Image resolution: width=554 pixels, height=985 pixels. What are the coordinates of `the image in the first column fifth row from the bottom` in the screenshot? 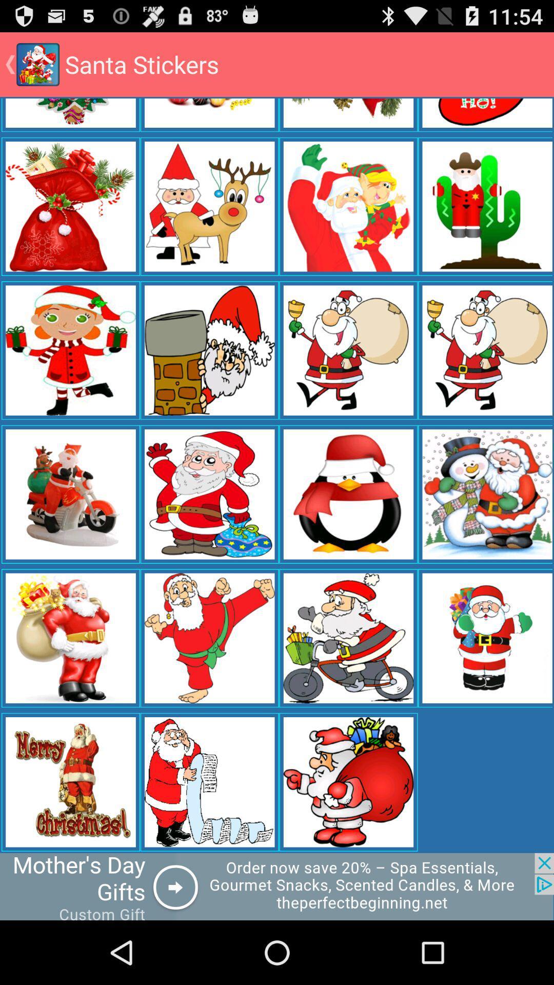 It's located at (70, 206).